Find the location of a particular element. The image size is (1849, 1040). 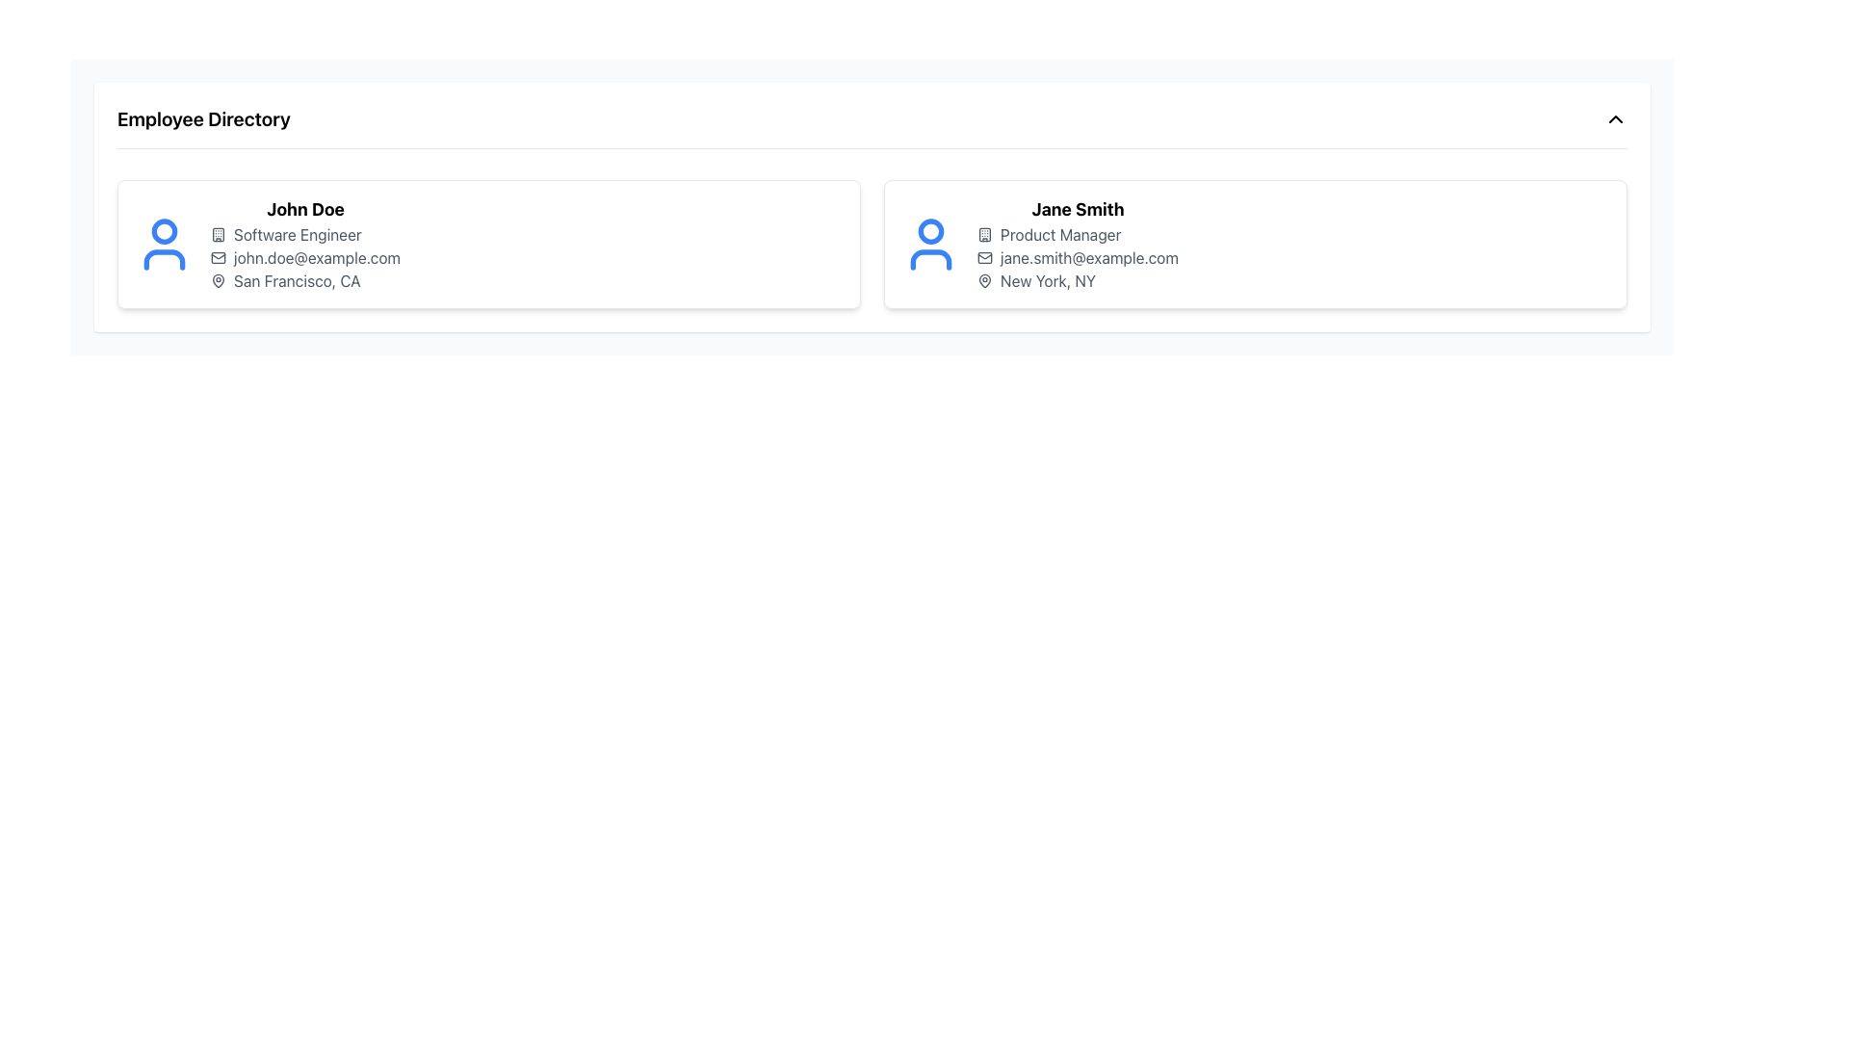

the envelope icon located next is located at coordinates (984, 256).